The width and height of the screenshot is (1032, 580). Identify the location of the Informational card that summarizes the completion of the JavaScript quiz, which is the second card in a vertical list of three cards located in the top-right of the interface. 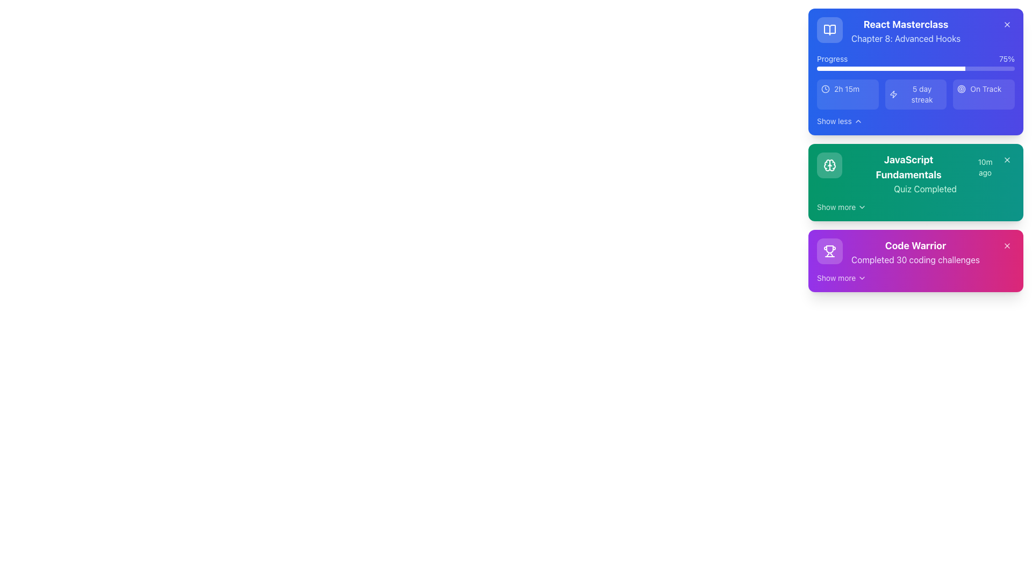
(915, 182).